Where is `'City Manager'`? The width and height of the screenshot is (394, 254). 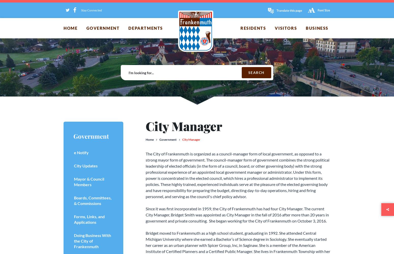 'City Manager' is located at coordinates (182, 139).